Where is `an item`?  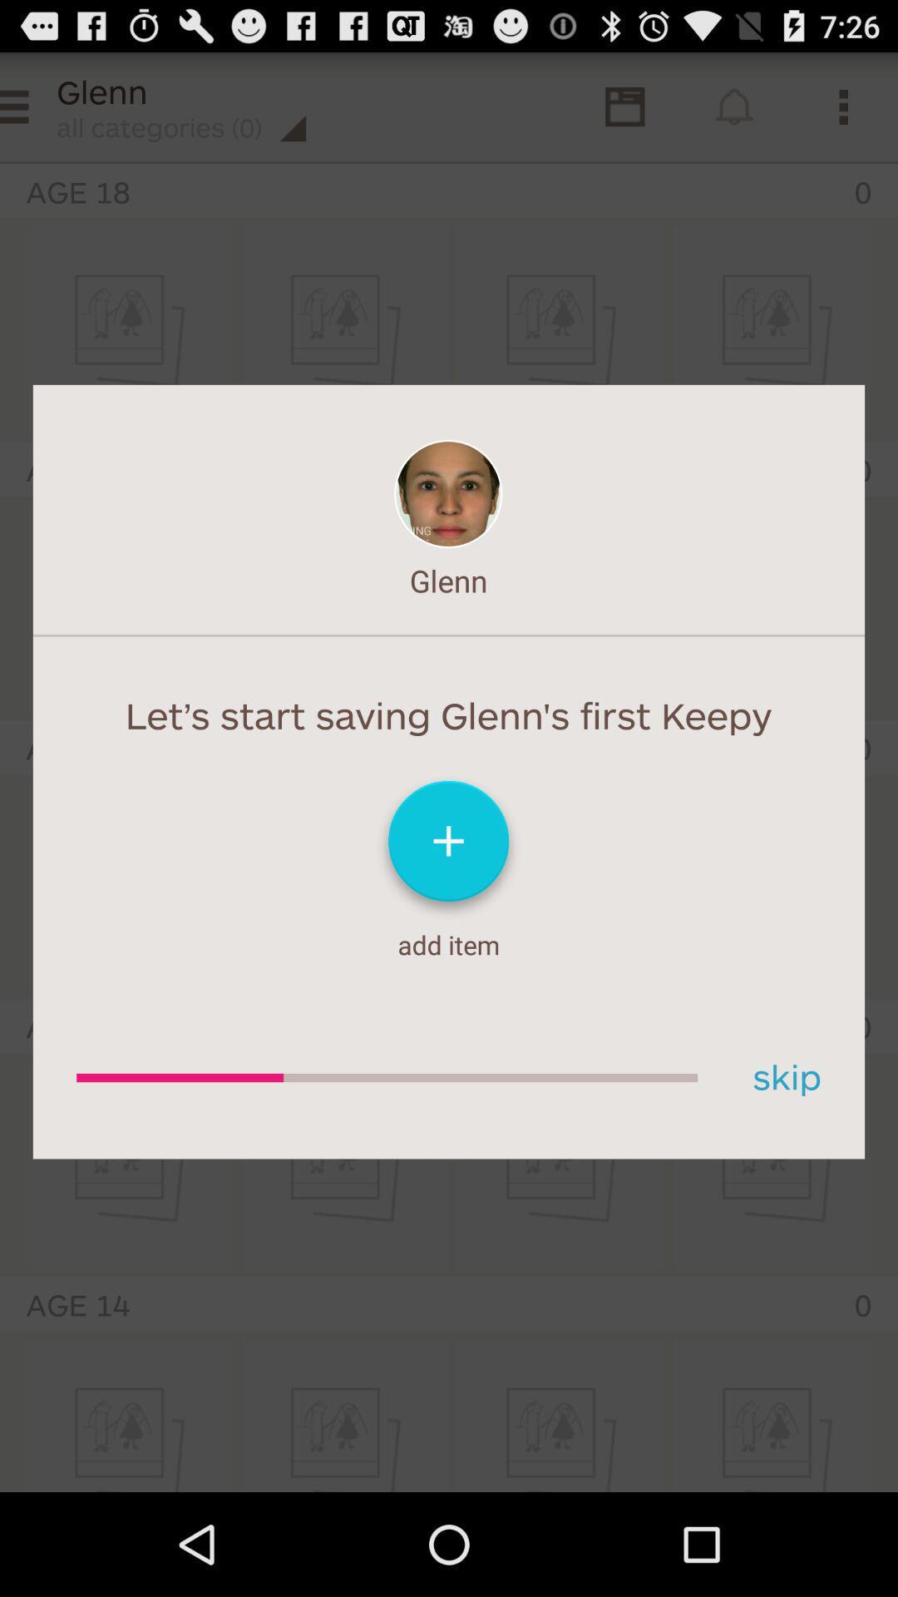
an item is located at coordinates (449, 848).